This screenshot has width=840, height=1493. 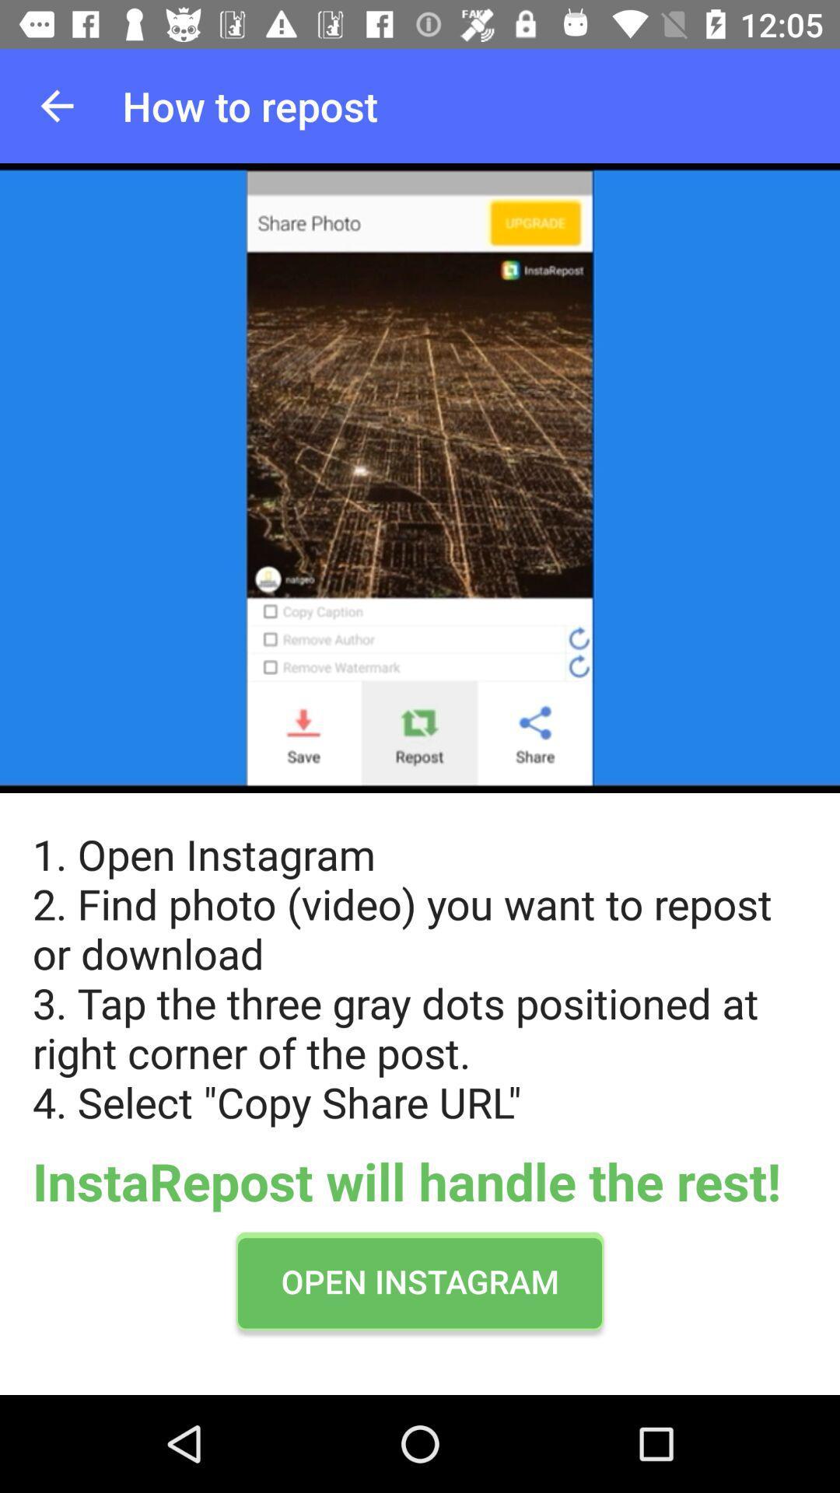 I want to click on go back, so click(x=56, y=105).